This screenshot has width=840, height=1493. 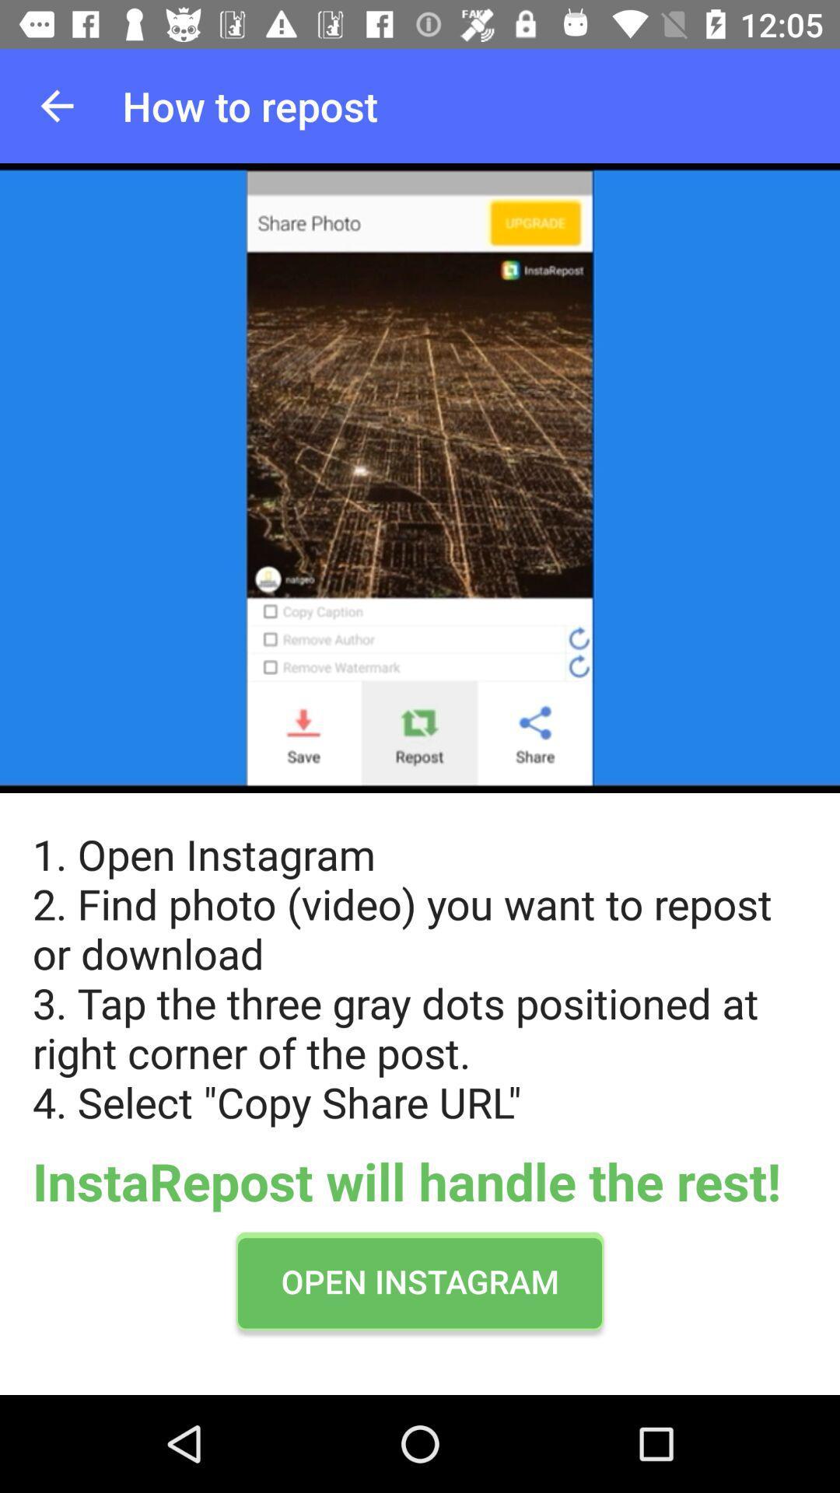 I want to click on go back, so click(x=56, y=105).